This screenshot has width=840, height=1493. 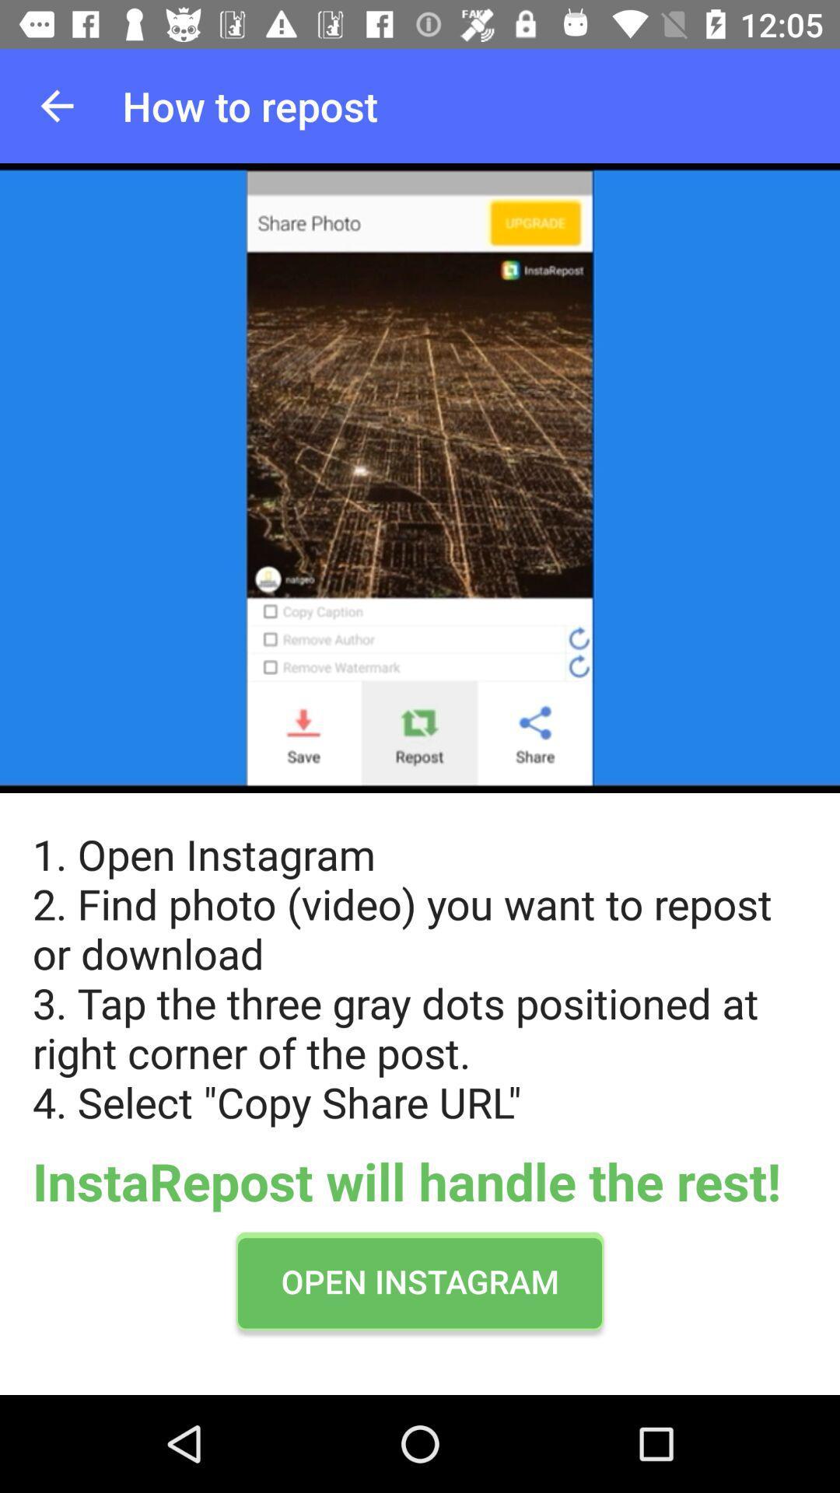 I want to click on go back, so click(x=56, y=105).